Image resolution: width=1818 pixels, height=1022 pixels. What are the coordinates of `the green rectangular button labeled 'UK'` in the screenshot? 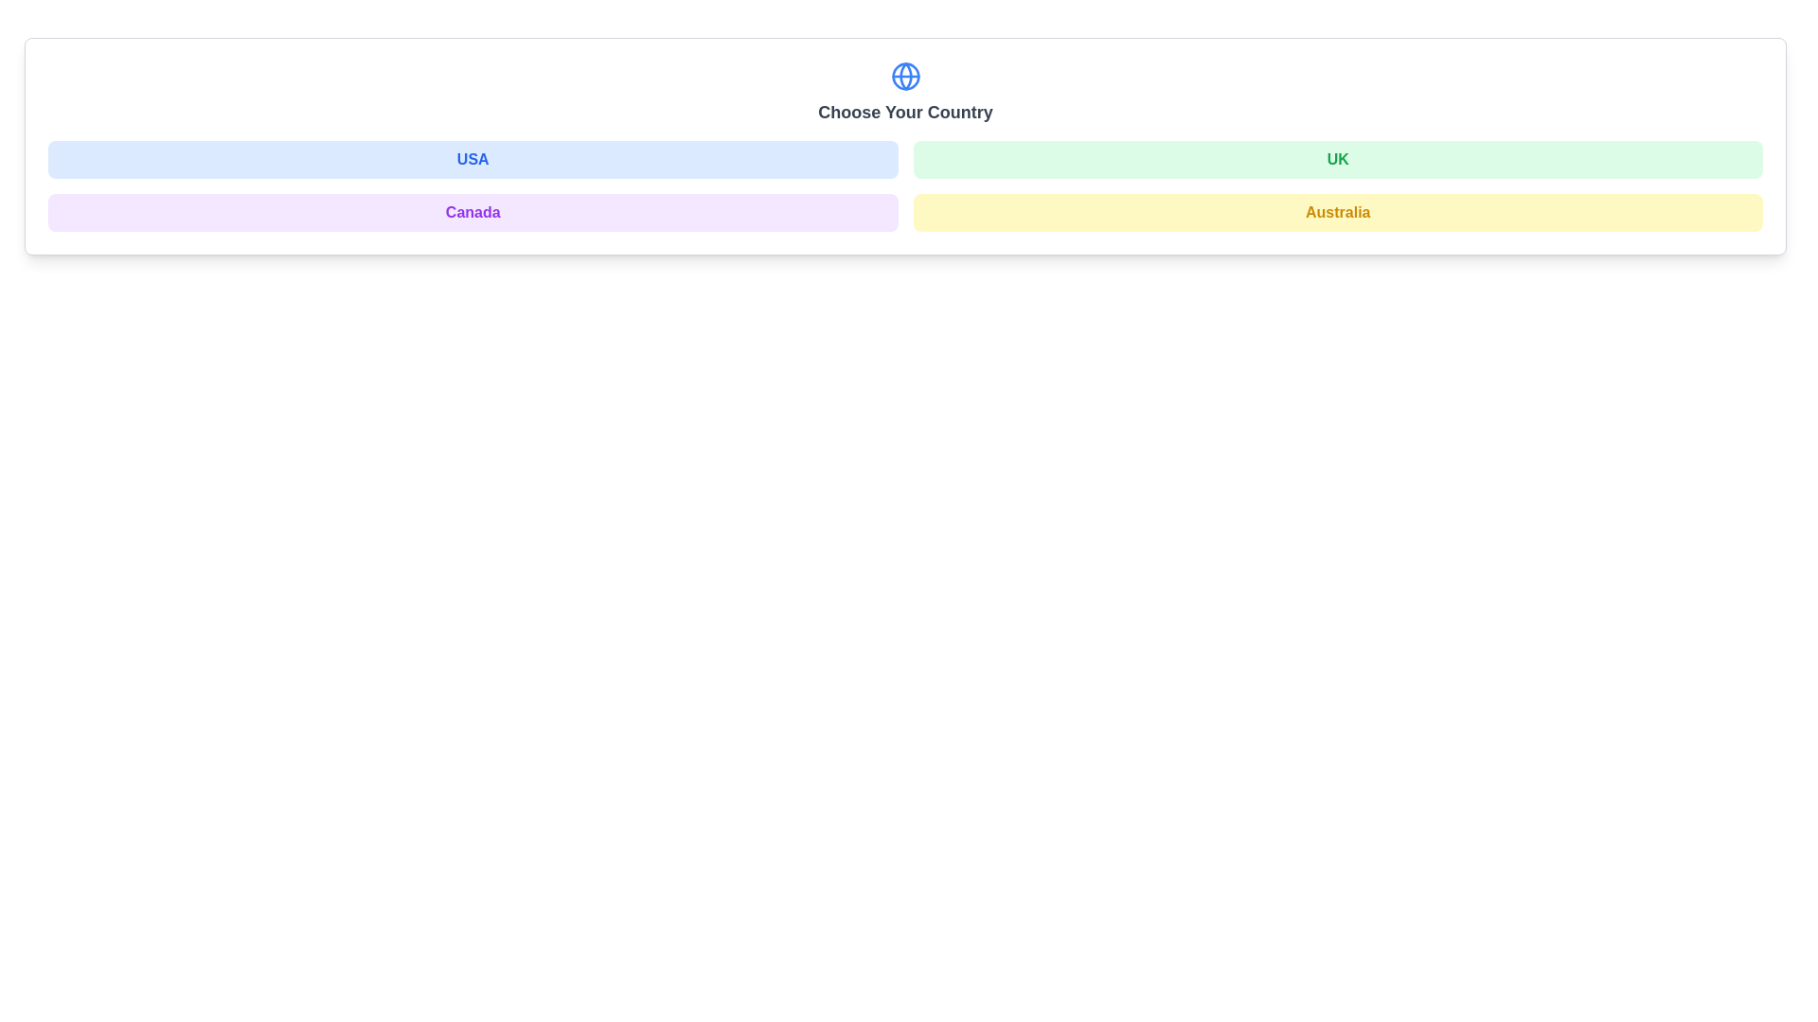 It's located at (1337, 159).